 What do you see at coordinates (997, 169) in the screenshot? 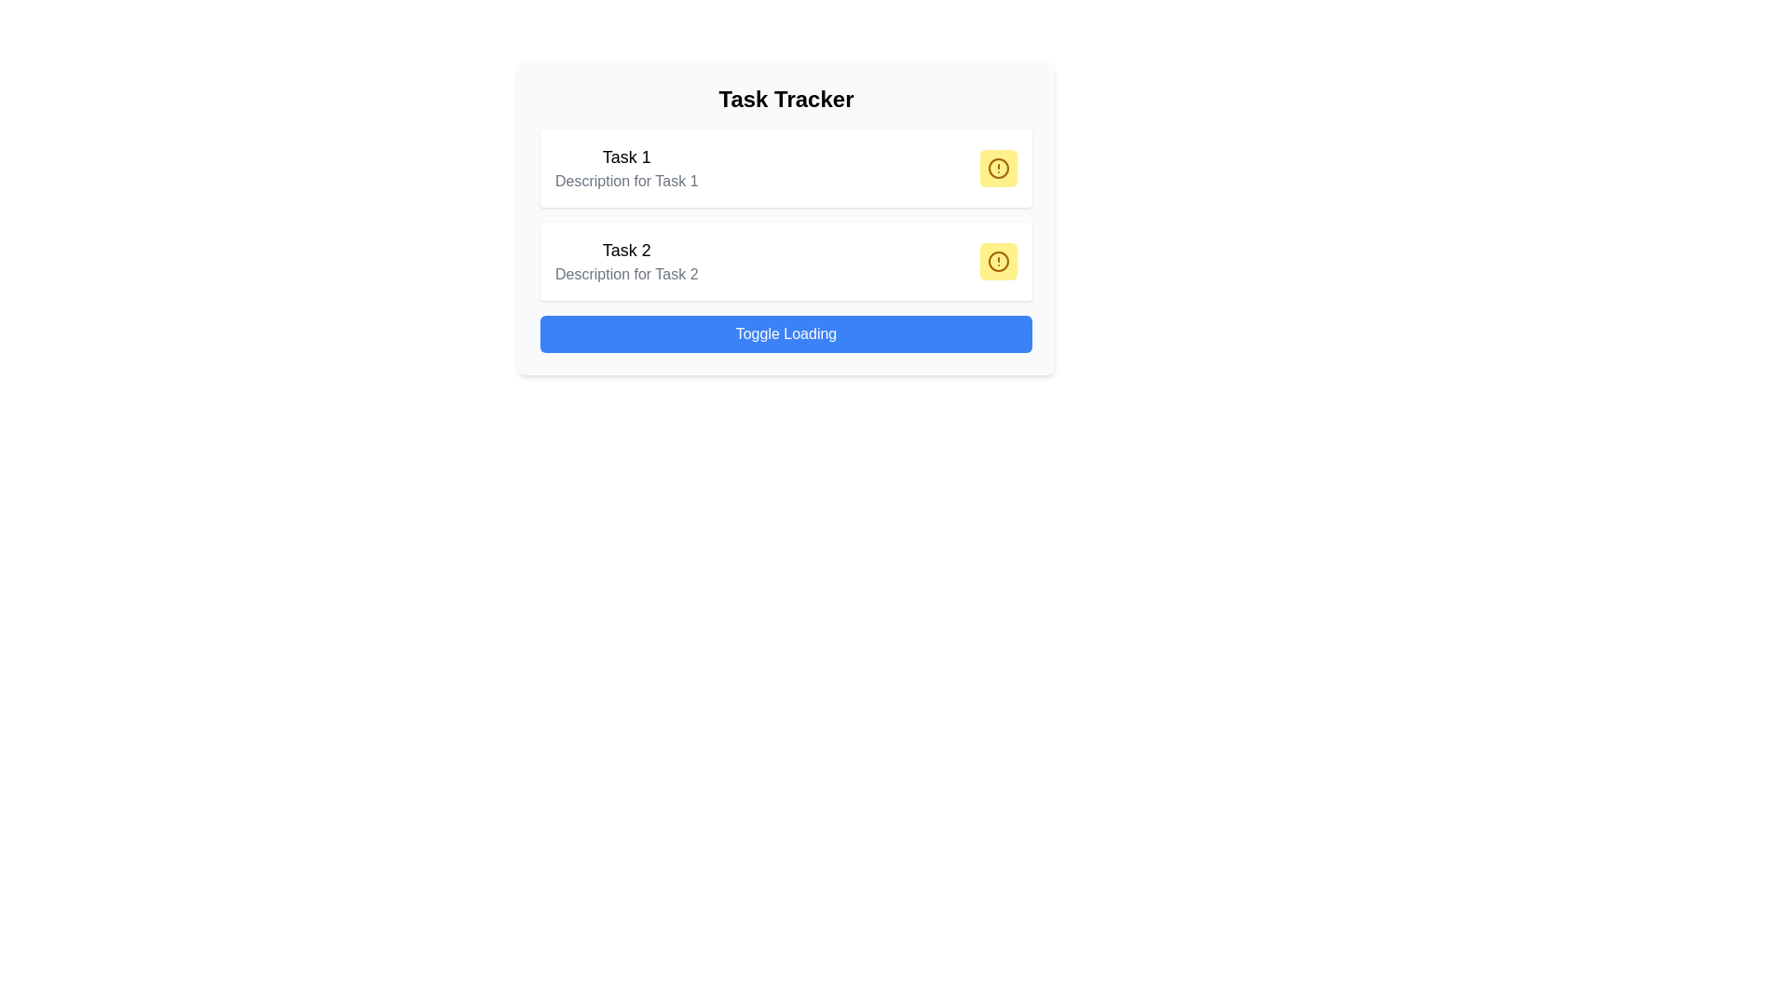
I see `the alert icon button located at the top-right corner of the 'Task 1' card` at bounding box center [997, 169].